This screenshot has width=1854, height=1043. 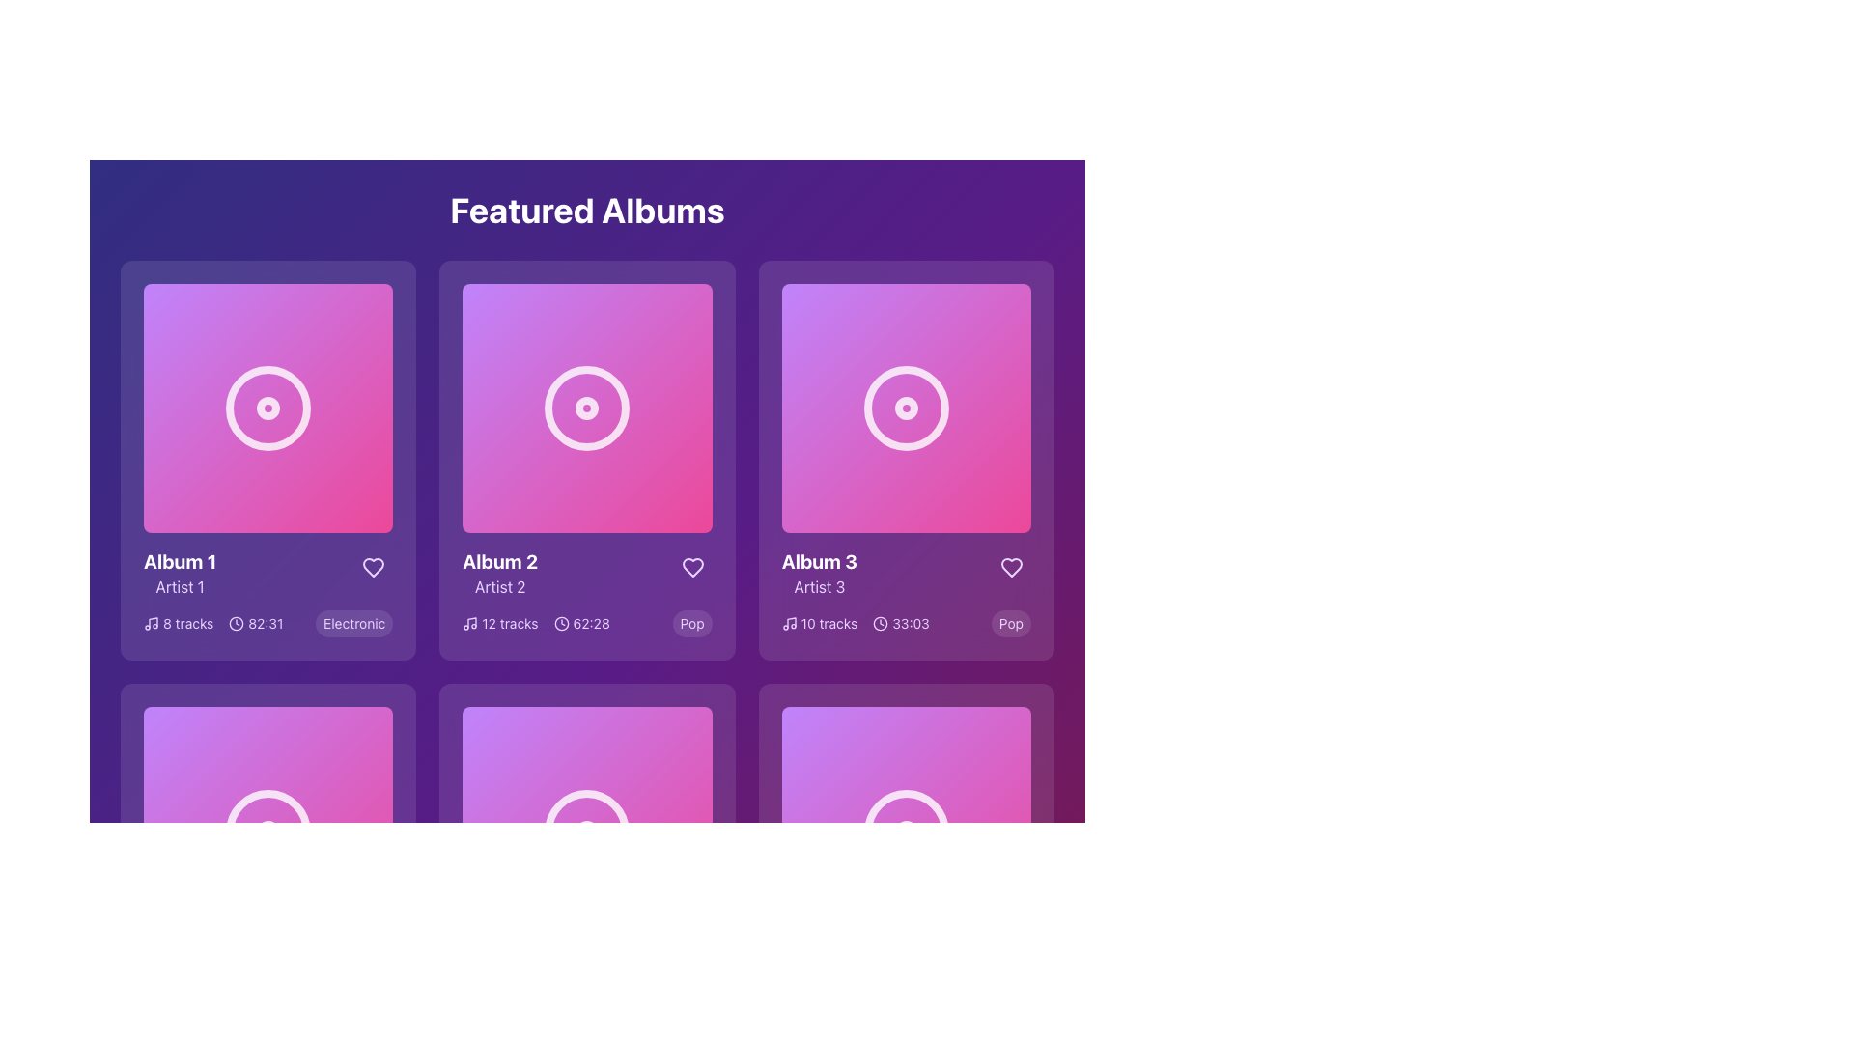 I want to click on the SVG graphical circle that is part of the clock icon located below the album title 'Album 2' by 'Artist 2', which indicates the duration information for '12 tracks', so click(x=560, y=624).